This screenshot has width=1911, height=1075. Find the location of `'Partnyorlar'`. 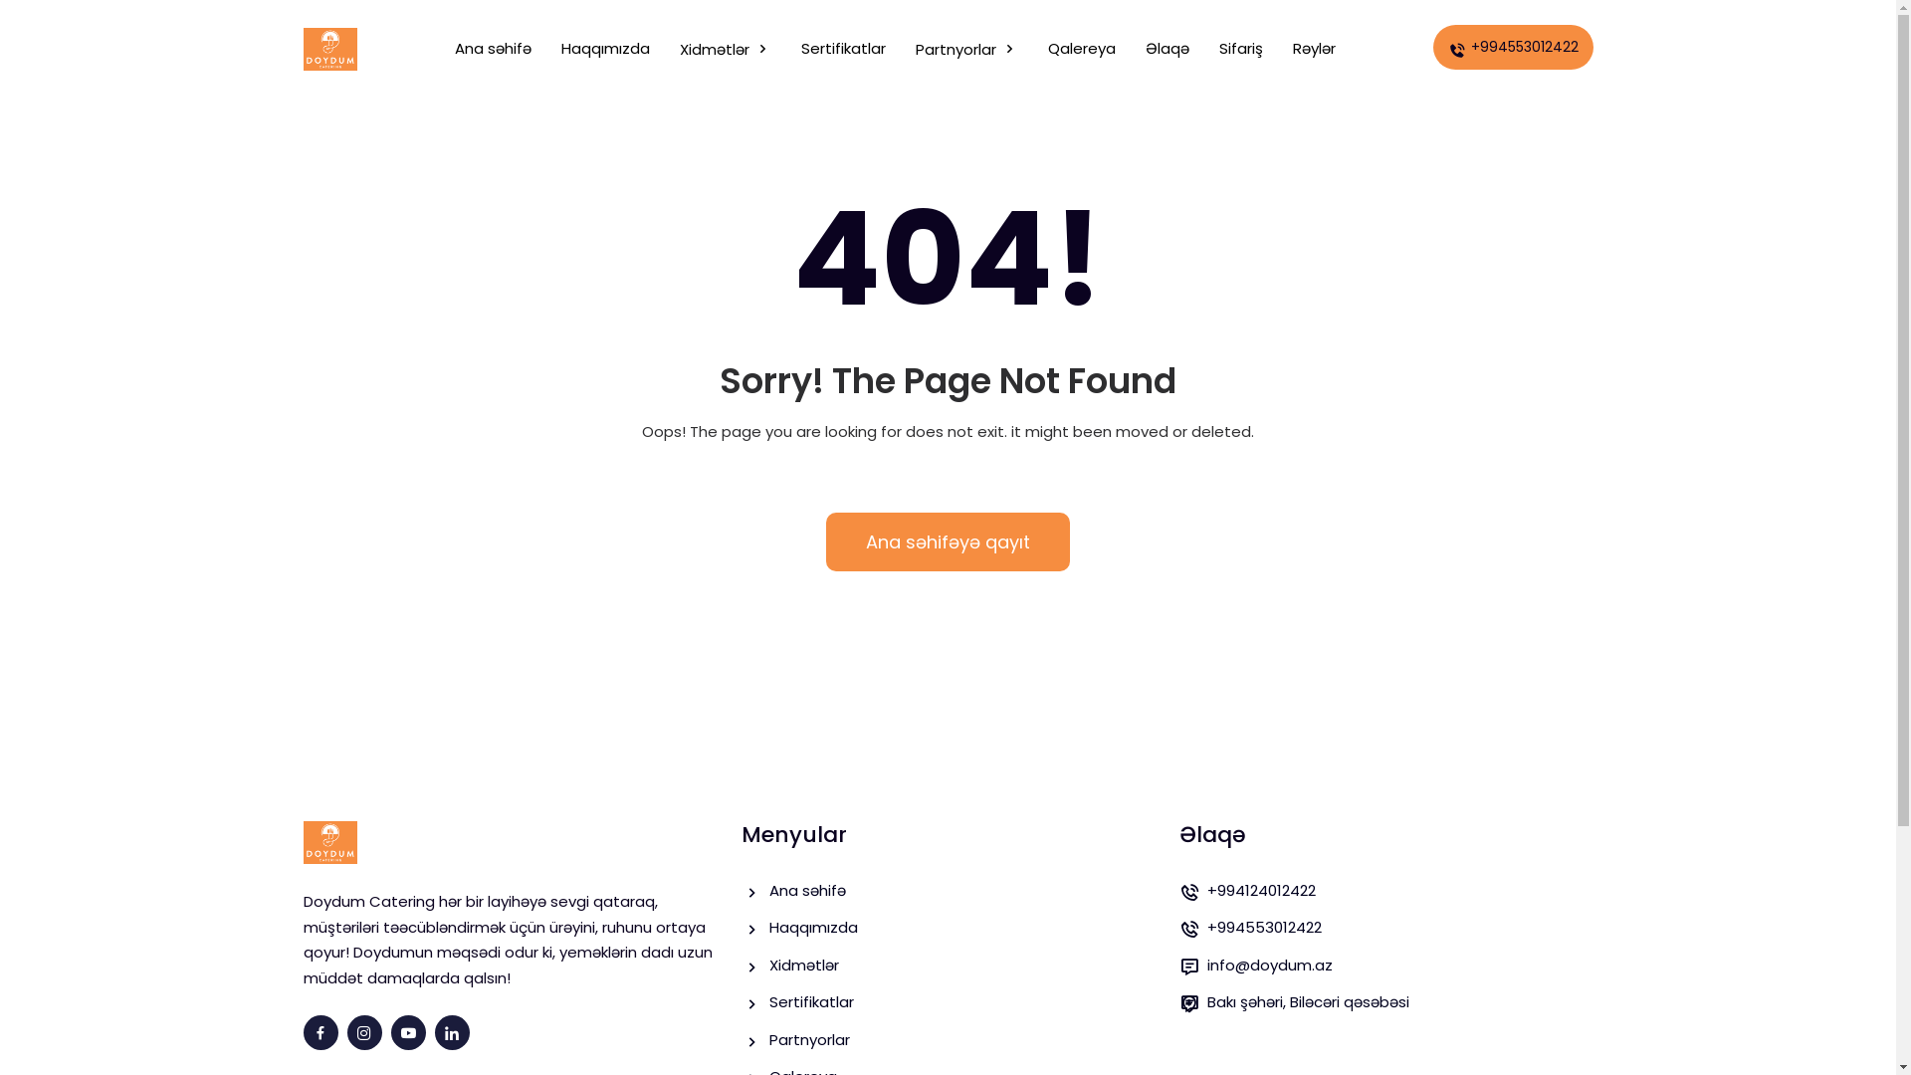

'Partnyorlar' is located at coordinates (966, 49).